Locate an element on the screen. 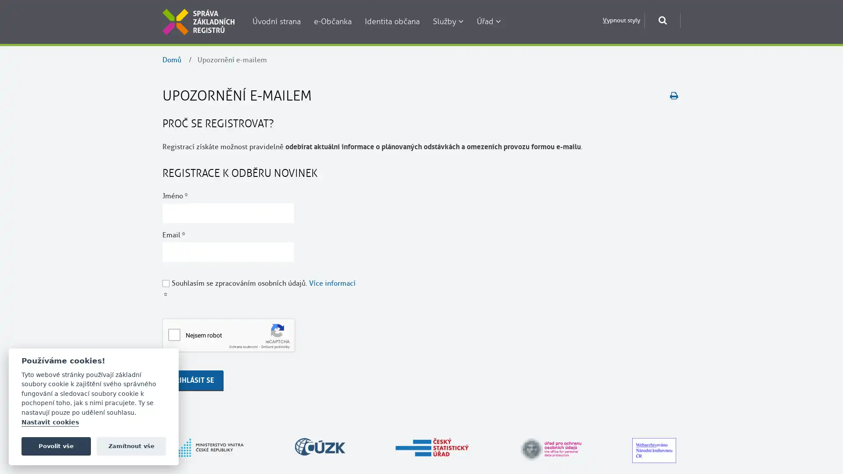  Vypnout styly is located at coordinates (621, 20).